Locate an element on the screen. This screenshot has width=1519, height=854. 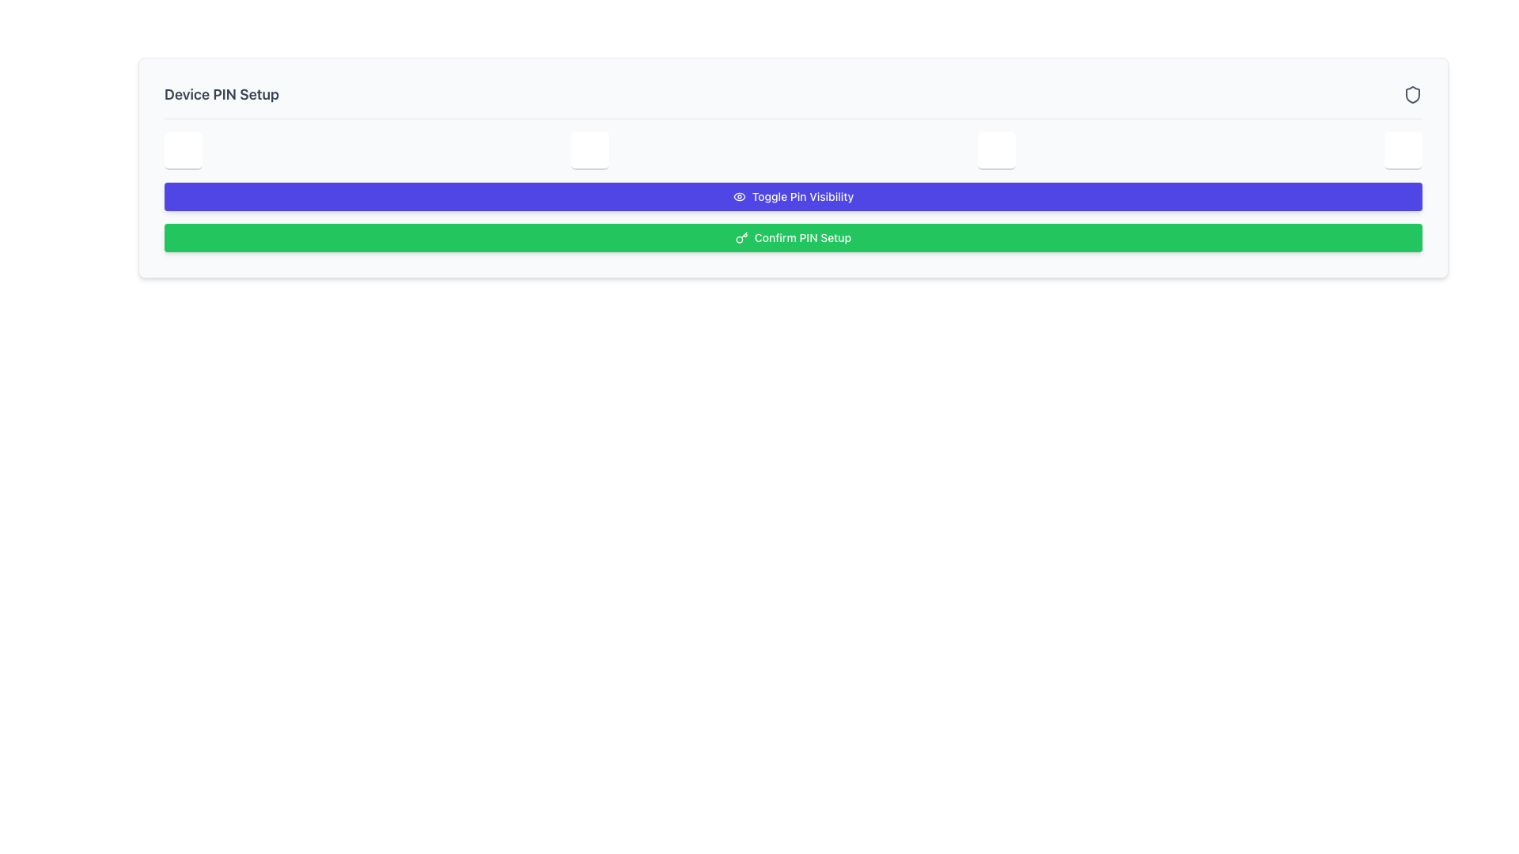
the eye icon shape to toggle the visibility of sensitive information, located centrally above the 'Toggle PIN Visibility' text is located at coordinates (738, 196).